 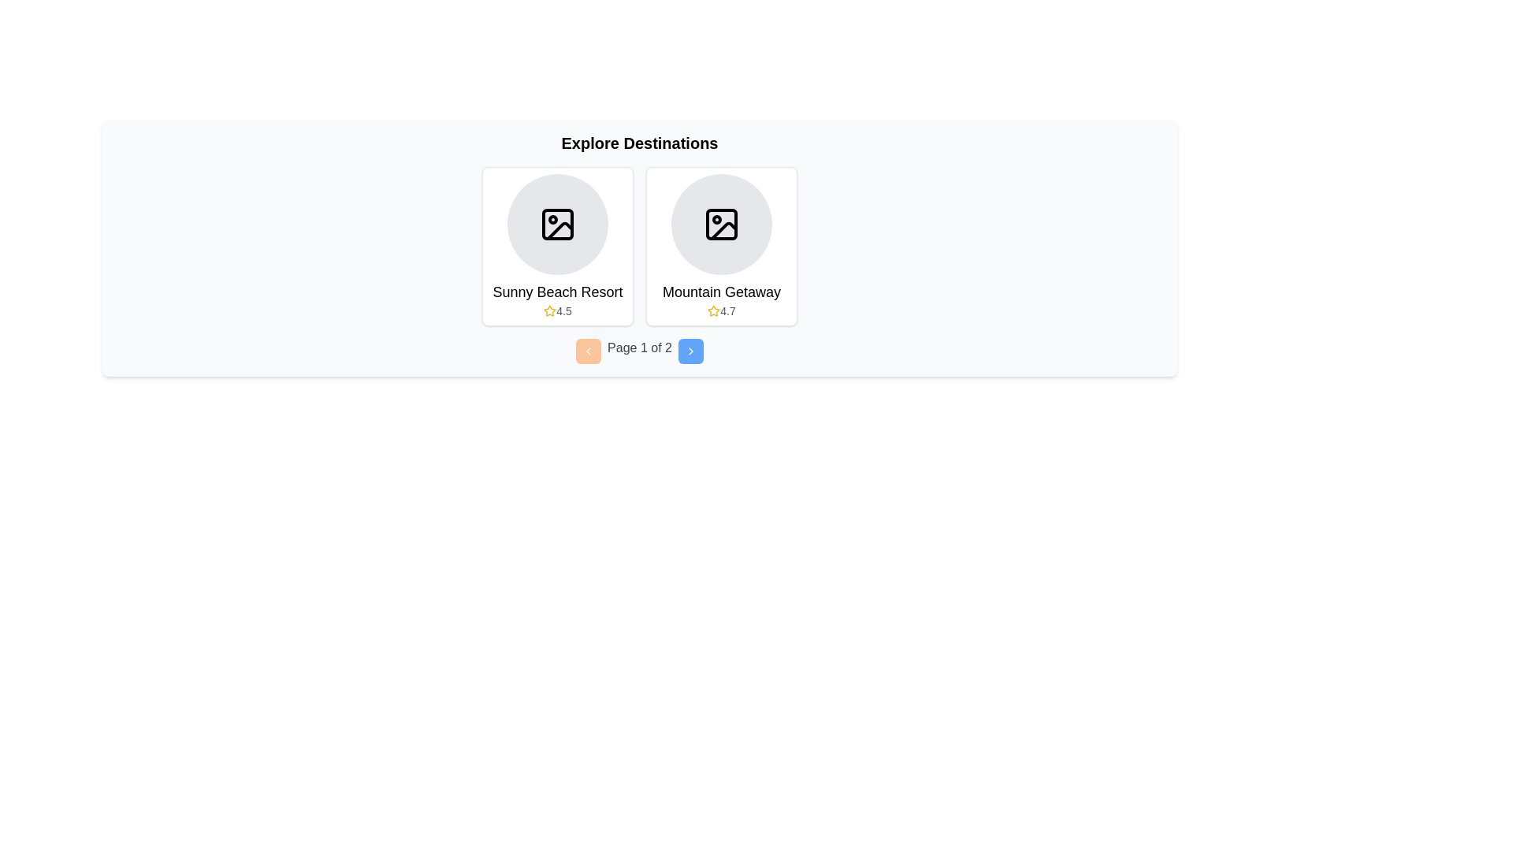 What do you see at coordinates (713, 310) in the screenshot?
I see `the star icon representing the rating for 'Mountain Getaway', located next to the text '4.7' in the rating section` at bounding box center [713, 310].